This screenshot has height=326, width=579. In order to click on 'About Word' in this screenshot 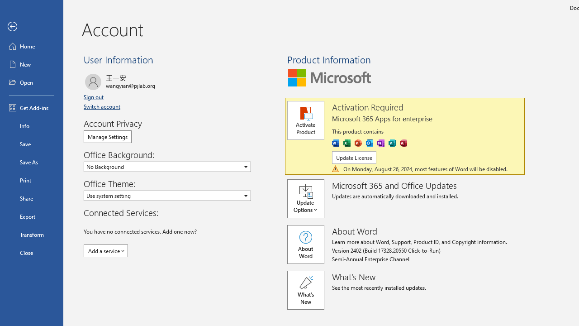, I will do `click(305, 244)`.